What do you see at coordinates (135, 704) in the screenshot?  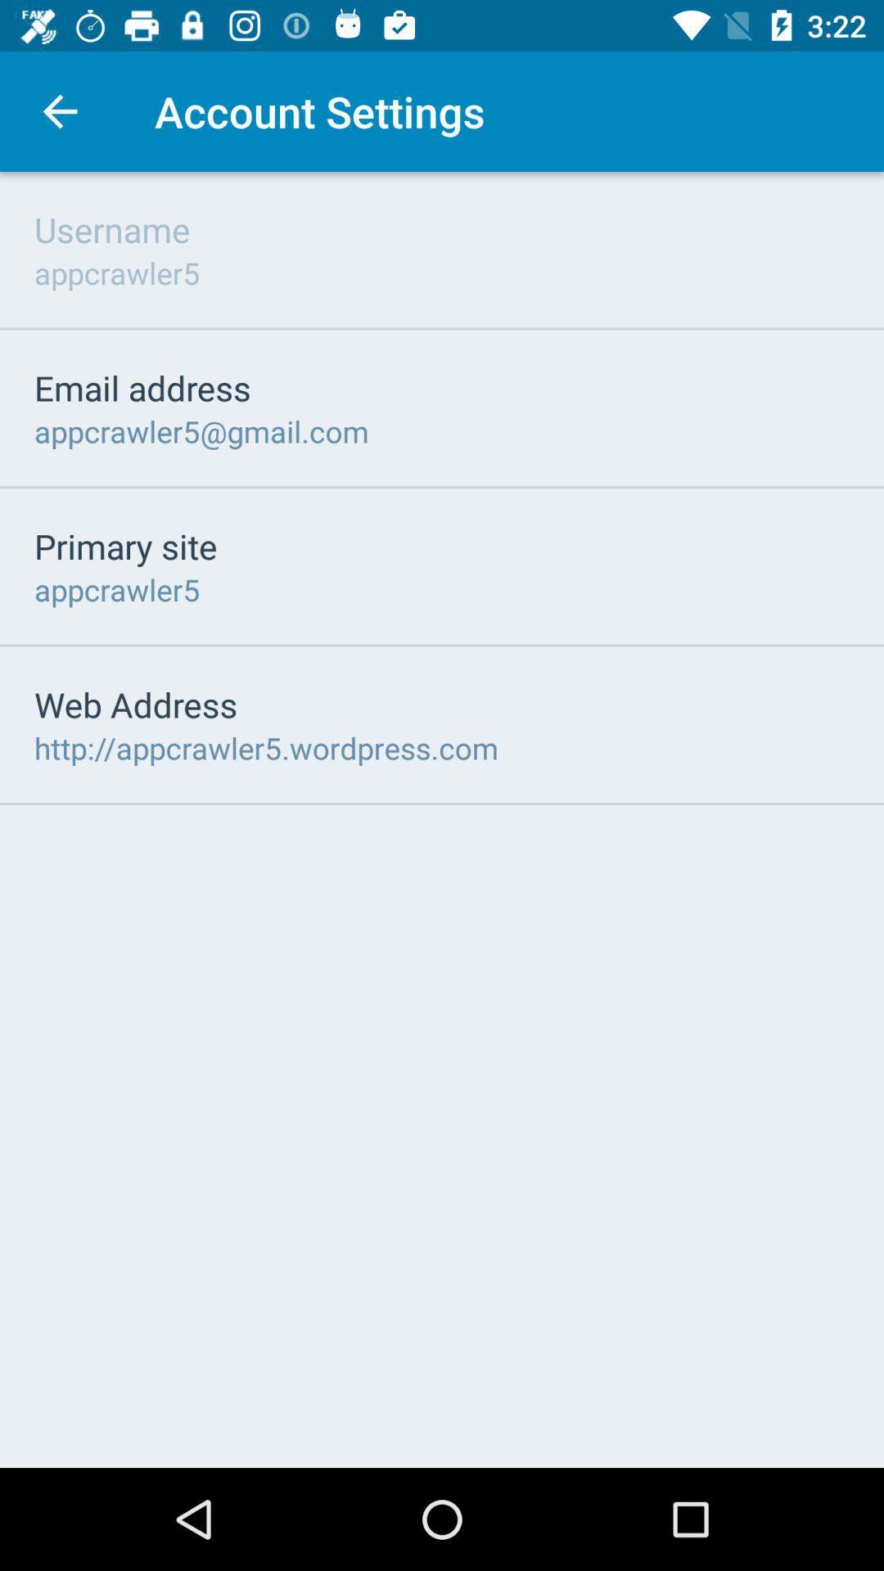 I see `the web address item` at bounding box center [135, 704].